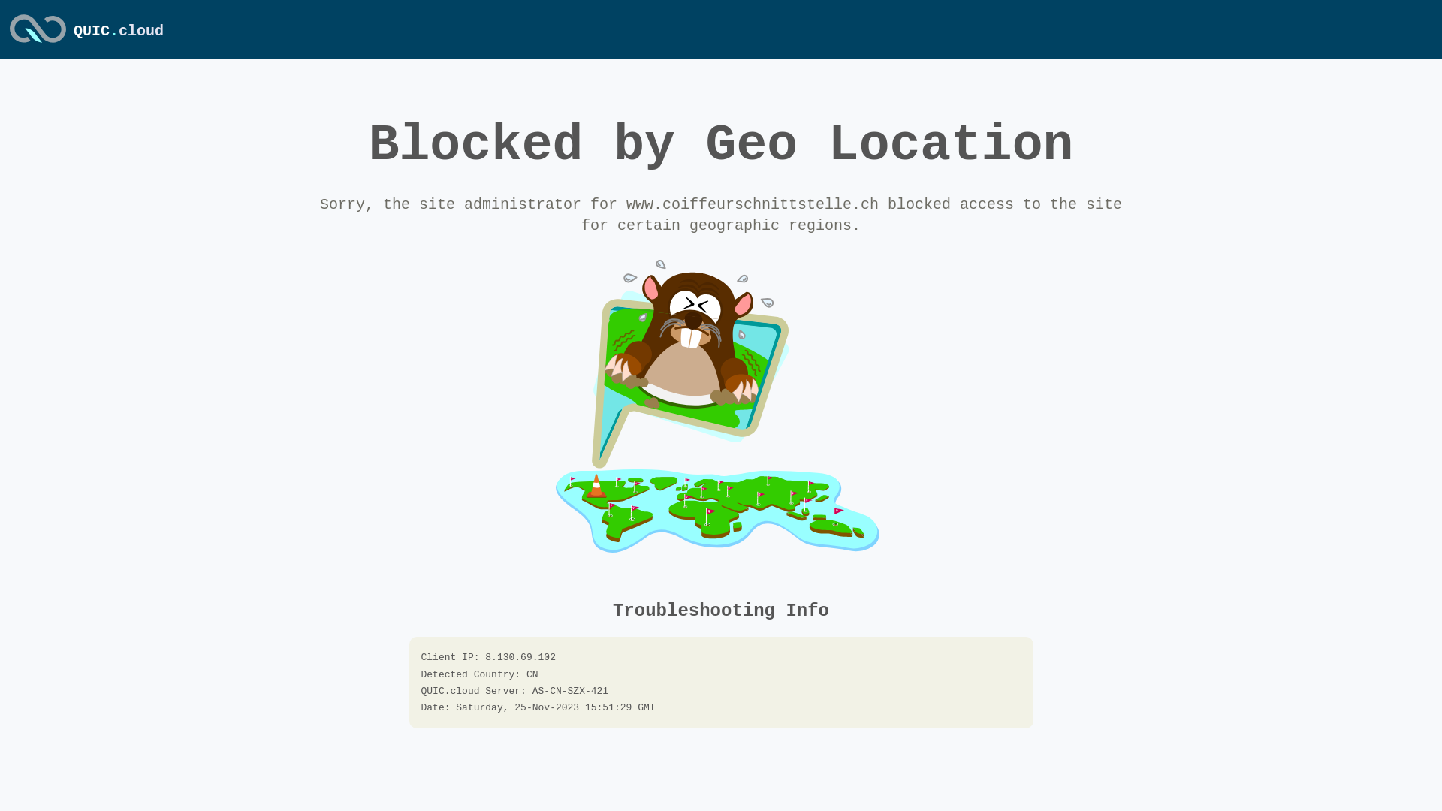  Describe the element at coordinates (38, 43) in the screenshot. I see `'QUIC.cloud'` at that location.